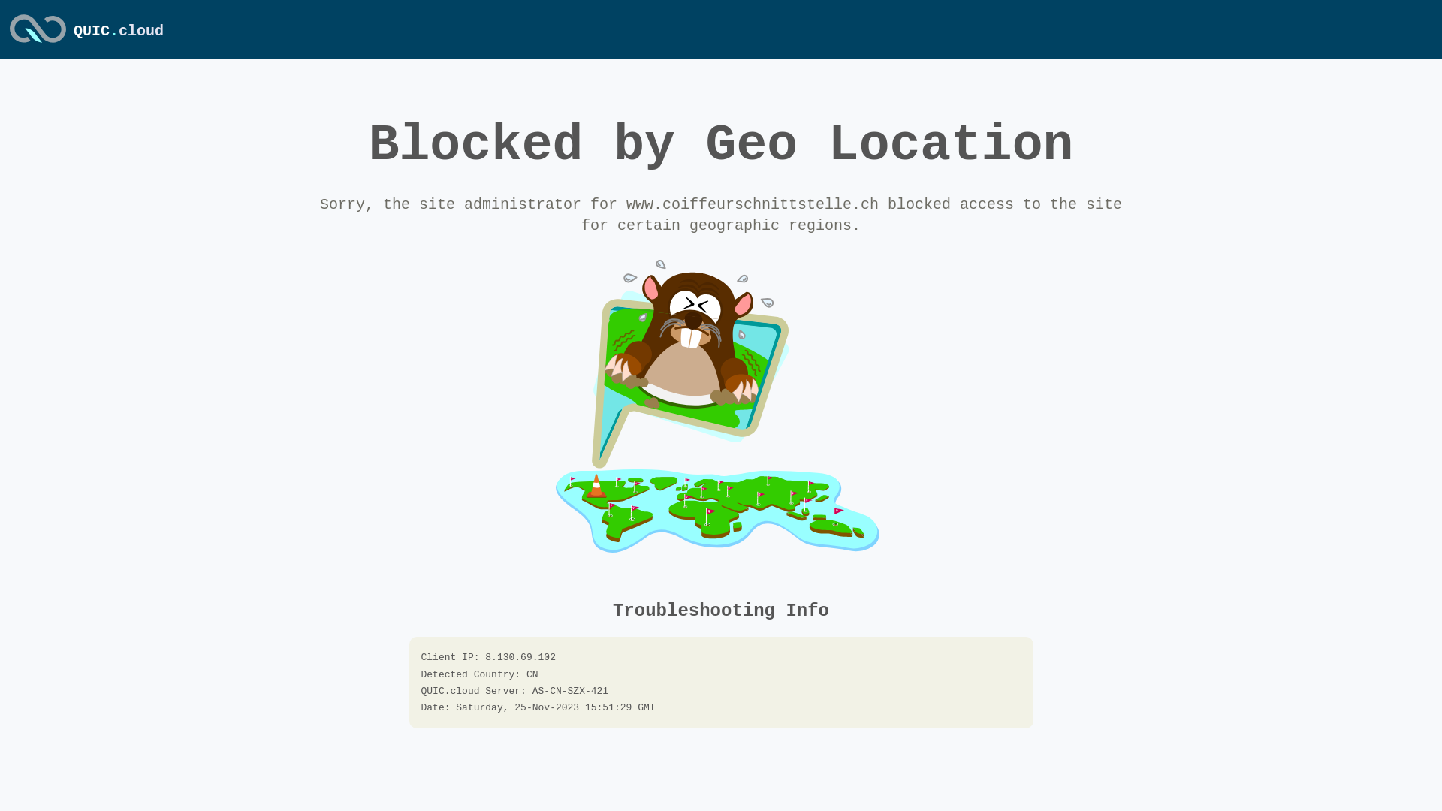  Describe the element at coordinates (38, 43) in the screenshot. I see `'QUIC.cloud'` at that location.